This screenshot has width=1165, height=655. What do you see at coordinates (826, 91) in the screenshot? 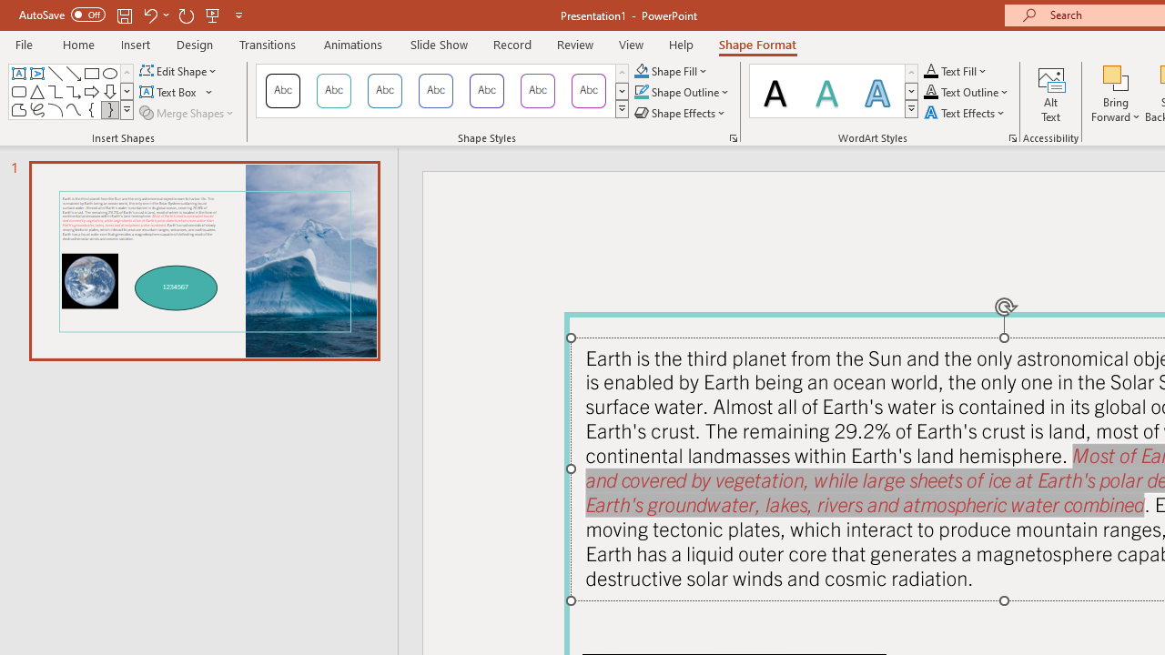
I see `'Fill: Teal, Accent color 1; Shadow'` at bounding box center [826, 91].